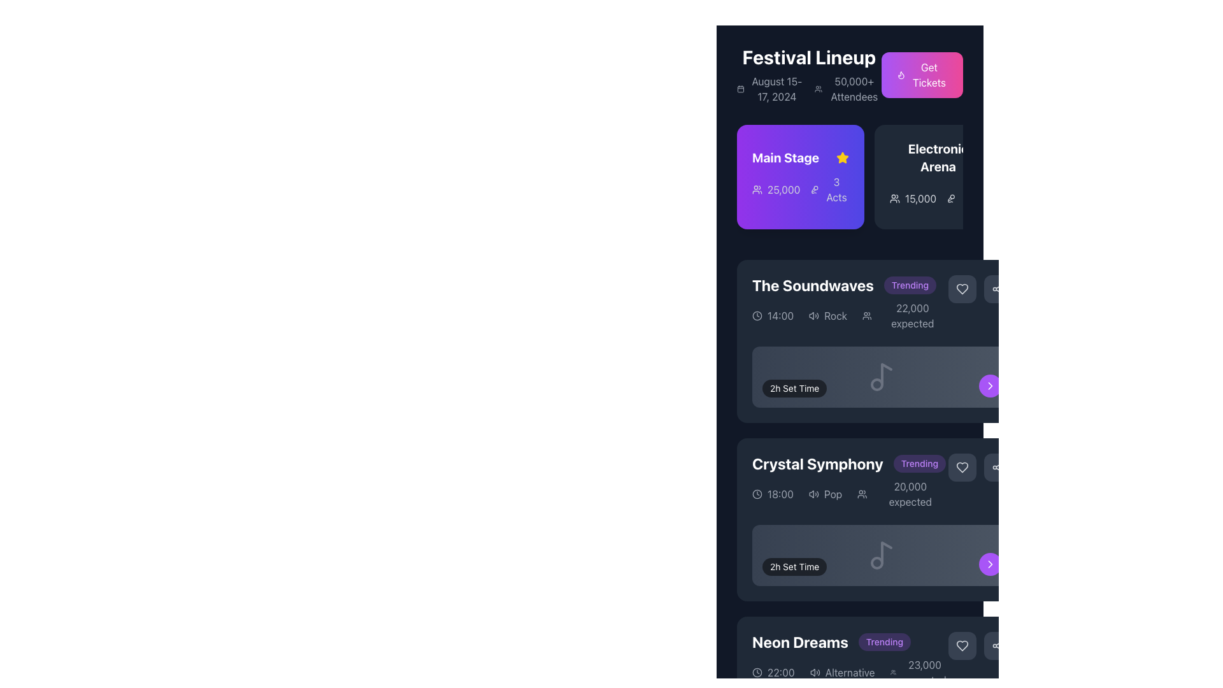 The width and height of the screenshot is (1223, 688). What do you see at coordinates (894, 199) in the screenshot?
I see `the minimalistic SVG icon representing a group of people, which is styled in light color and positioned to the left of the text '15,000'` at bounding box center [894, 199].